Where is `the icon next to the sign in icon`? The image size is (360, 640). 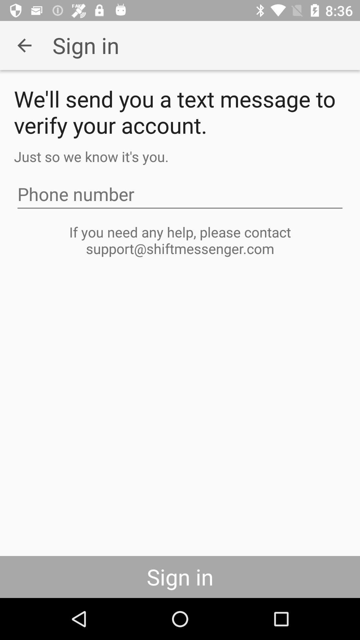 the icon next to the sign in icon is located at coordinates (24, 45).